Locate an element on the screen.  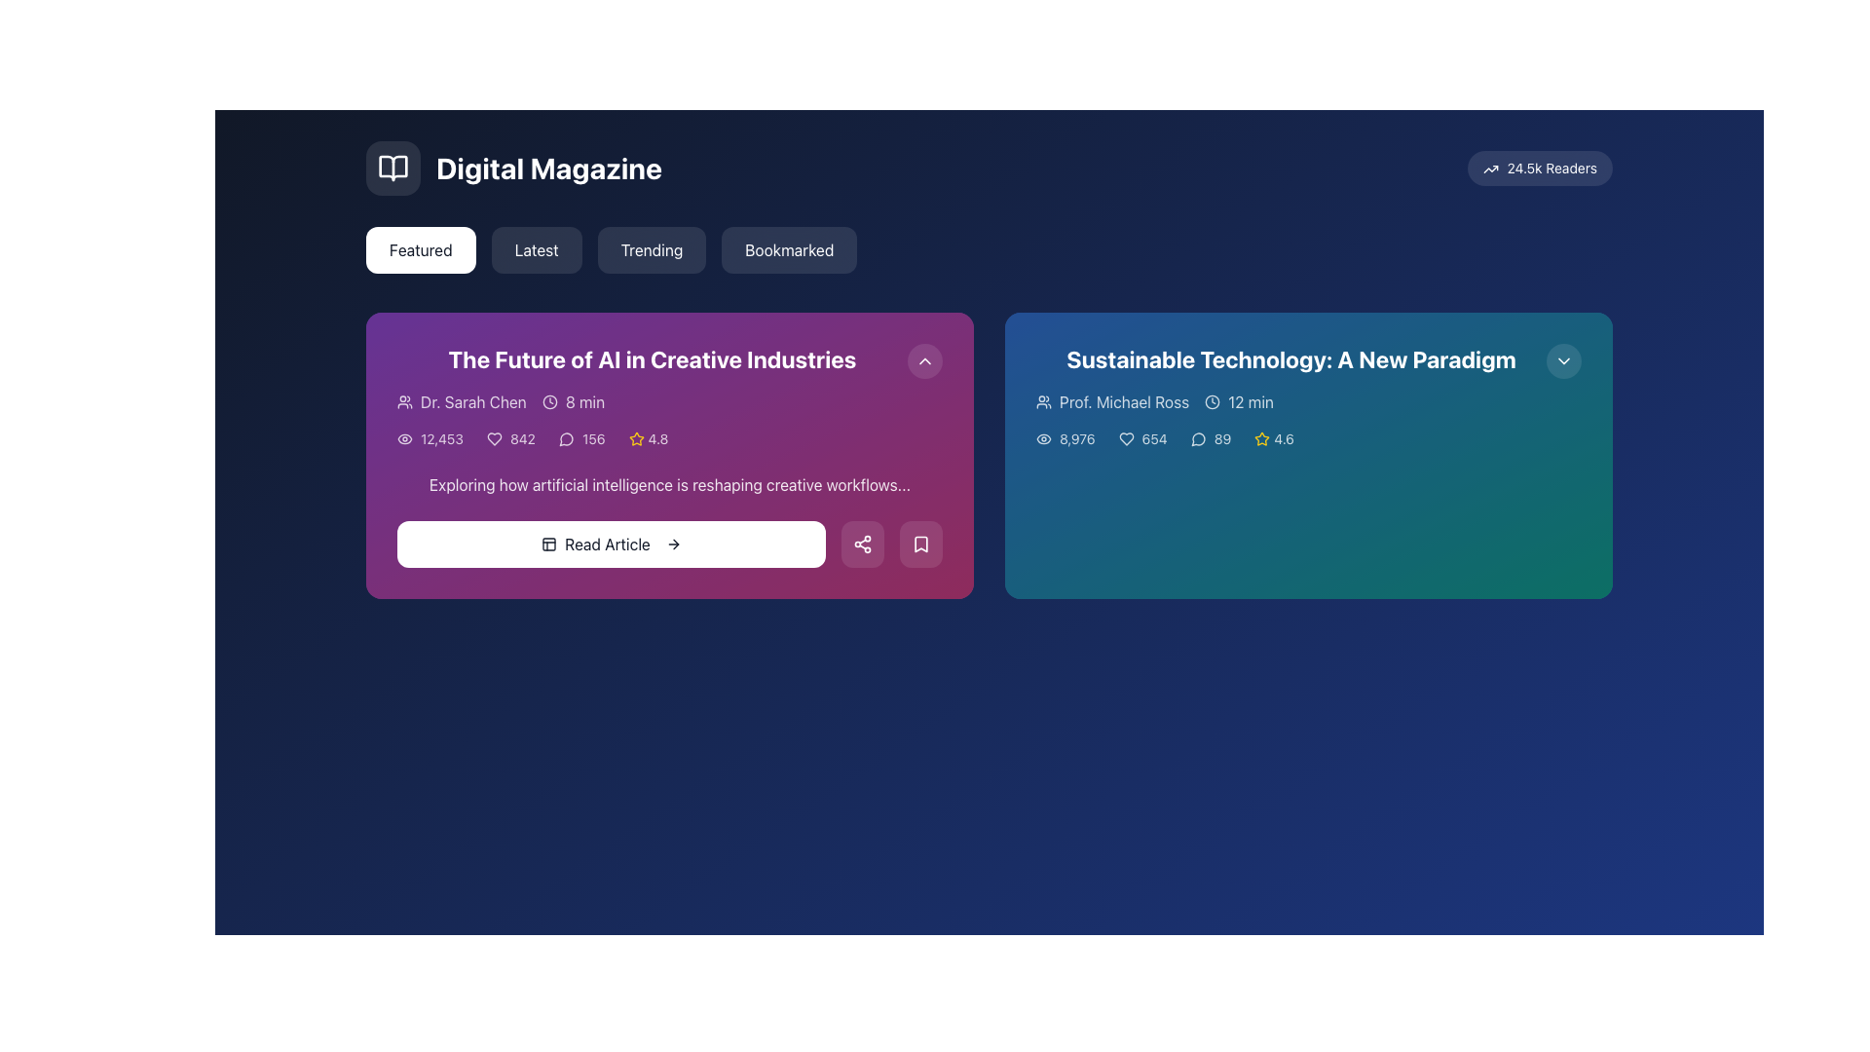
the 'Featured' button, which is the first button in the group located below the 'Digital Magazine' heading and to the left of the 'Latest' button is located at coordinates (420, 249).